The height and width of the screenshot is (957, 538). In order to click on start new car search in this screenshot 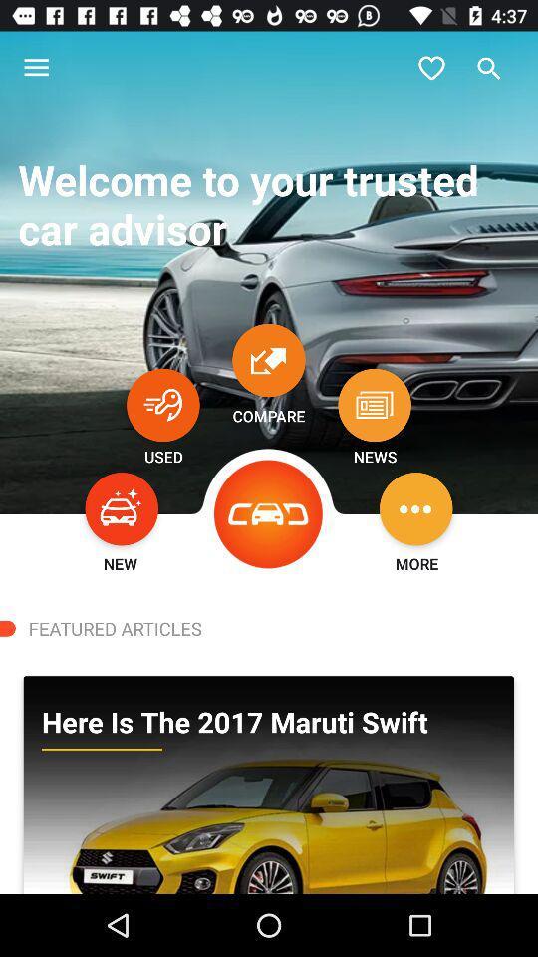, I will do `click(122, 507)`.